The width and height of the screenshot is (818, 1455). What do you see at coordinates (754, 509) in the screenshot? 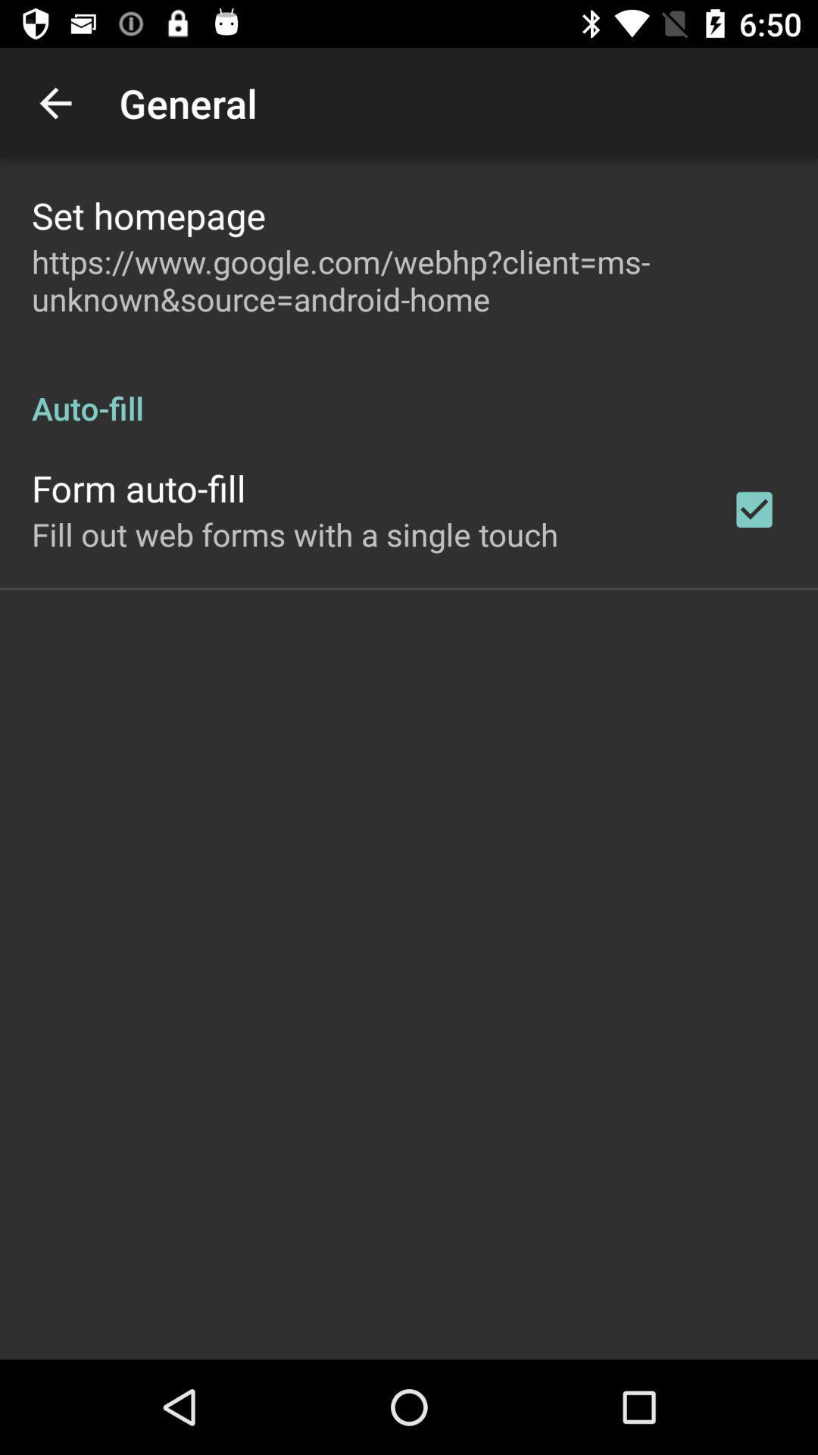
I see `app to the right of fill out web icon` at bounding box center [754, 509].